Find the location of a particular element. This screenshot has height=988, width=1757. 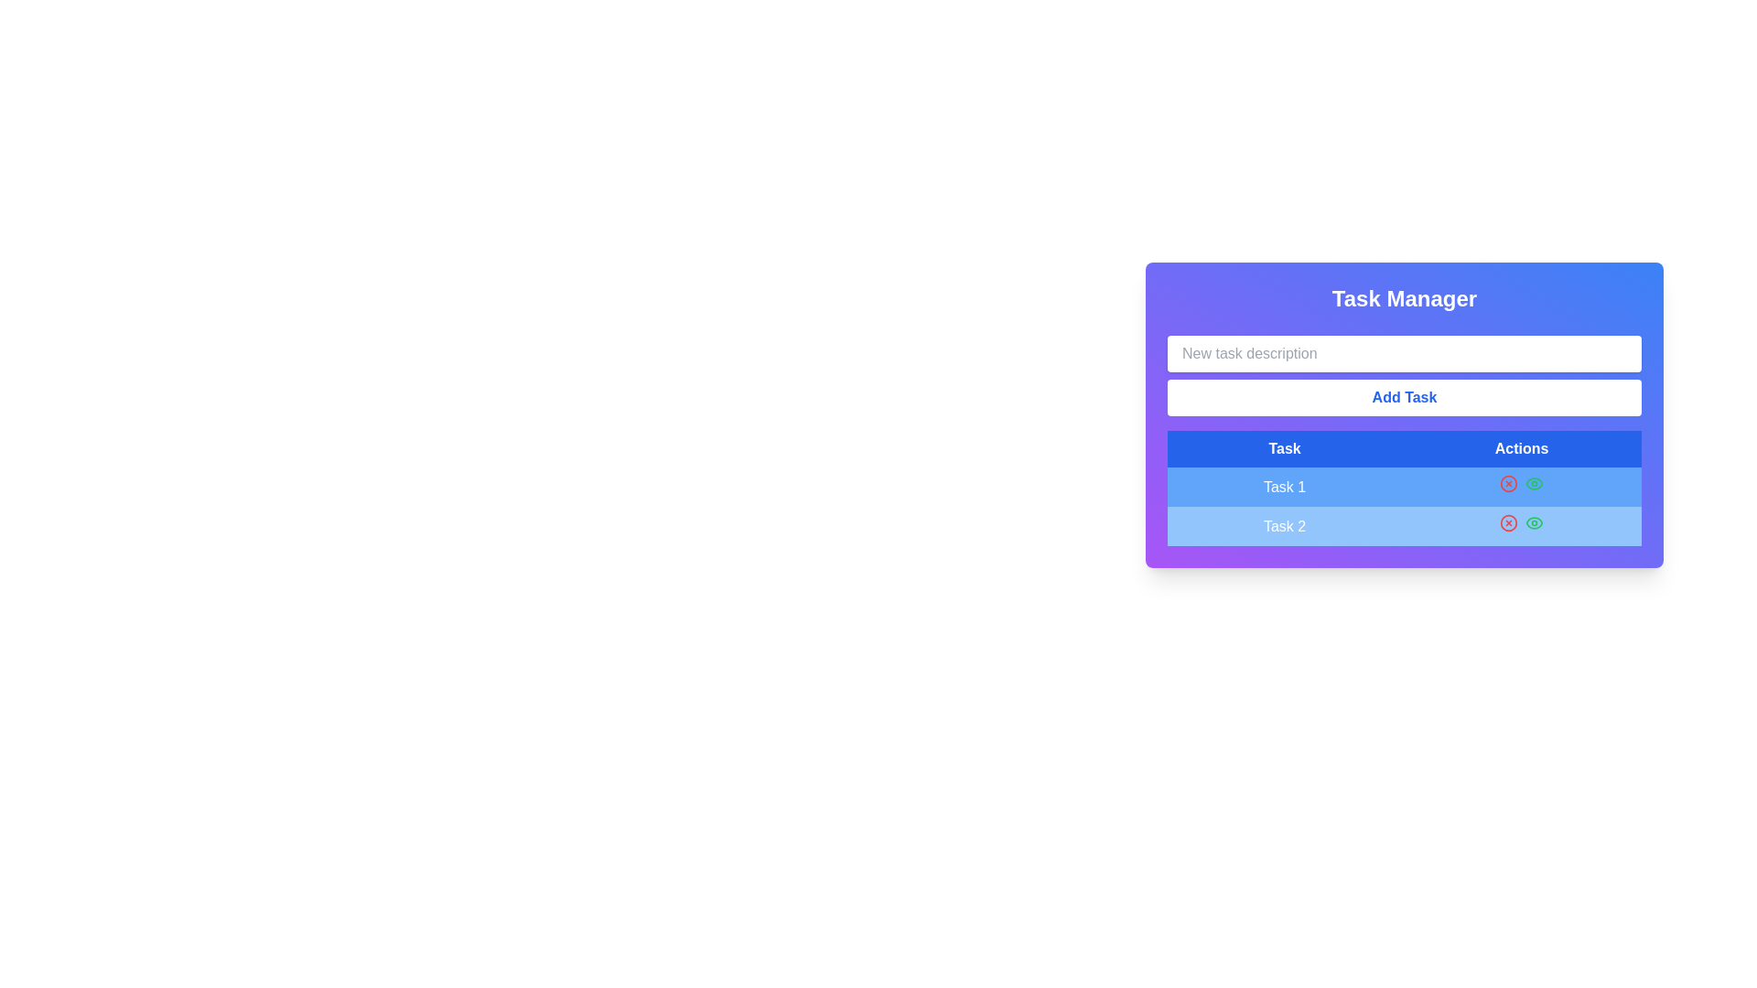

the Text label with light blue background containing 'Task 2' in white, located in the second row under the 'Task' column is located at coordinates (1284, 526).